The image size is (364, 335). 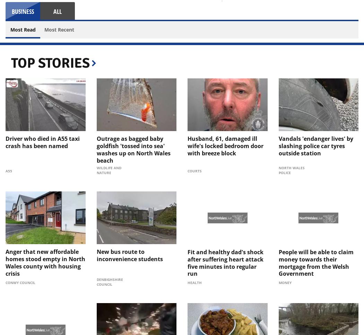 What do you see at coordinates (315, 263) in the screenshot?
I see `'People will be able to claim money towards their mortgage from the Welsh Government'` at bounding box center [315, 263].